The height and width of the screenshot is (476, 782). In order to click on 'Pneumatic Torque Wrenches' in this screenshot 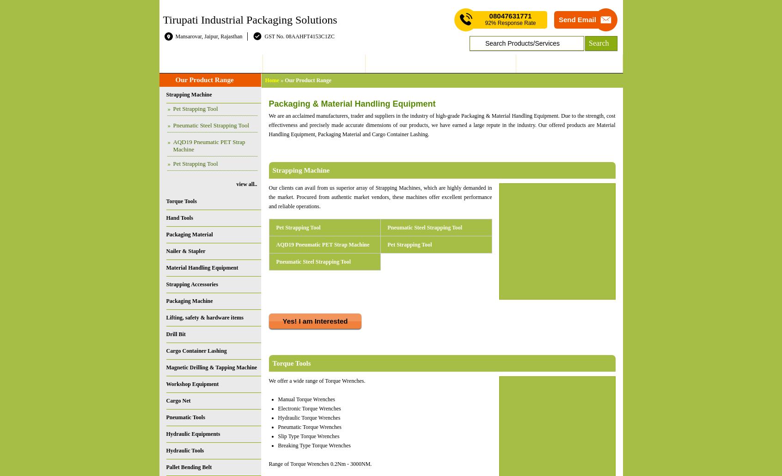, I will do `click(310, 427)`.